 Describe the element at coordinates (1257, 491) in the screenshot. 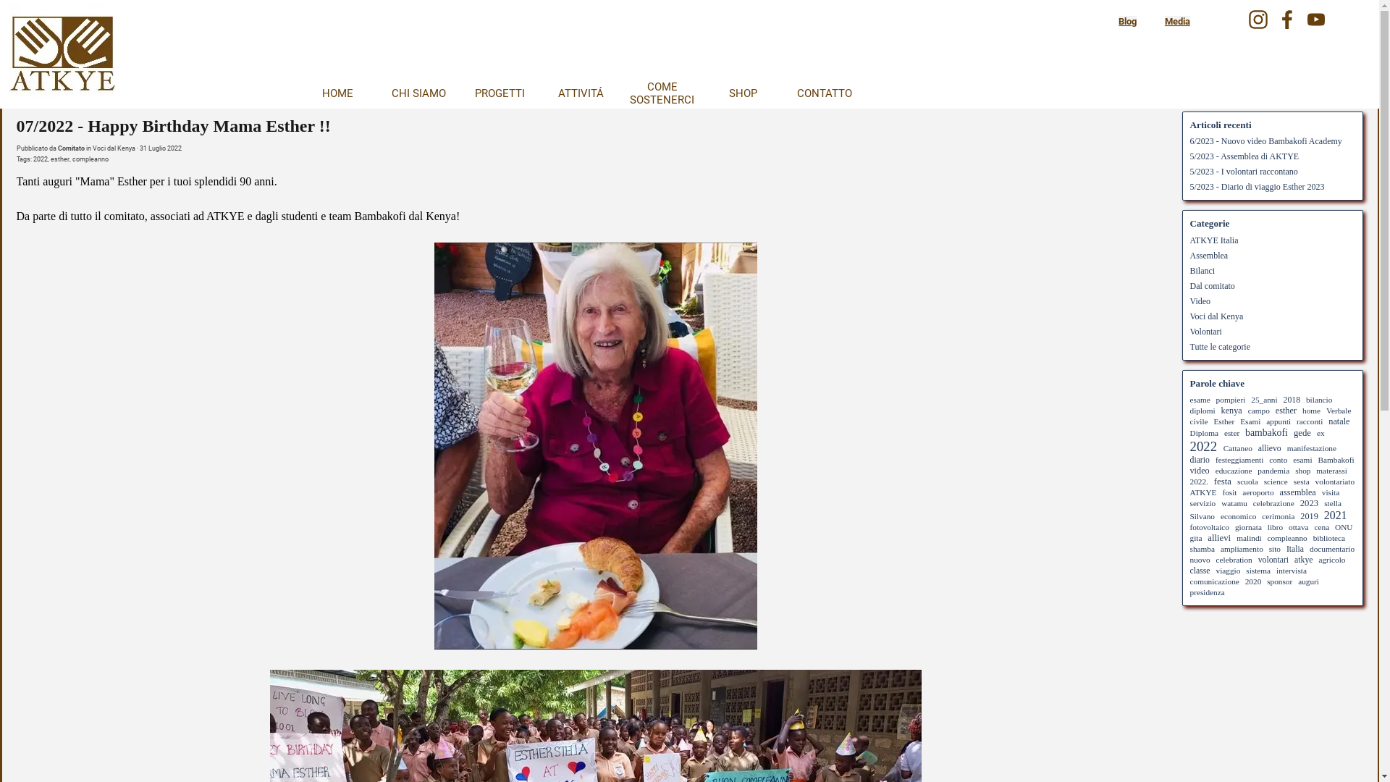

I see `'aeroporto'` at that location.